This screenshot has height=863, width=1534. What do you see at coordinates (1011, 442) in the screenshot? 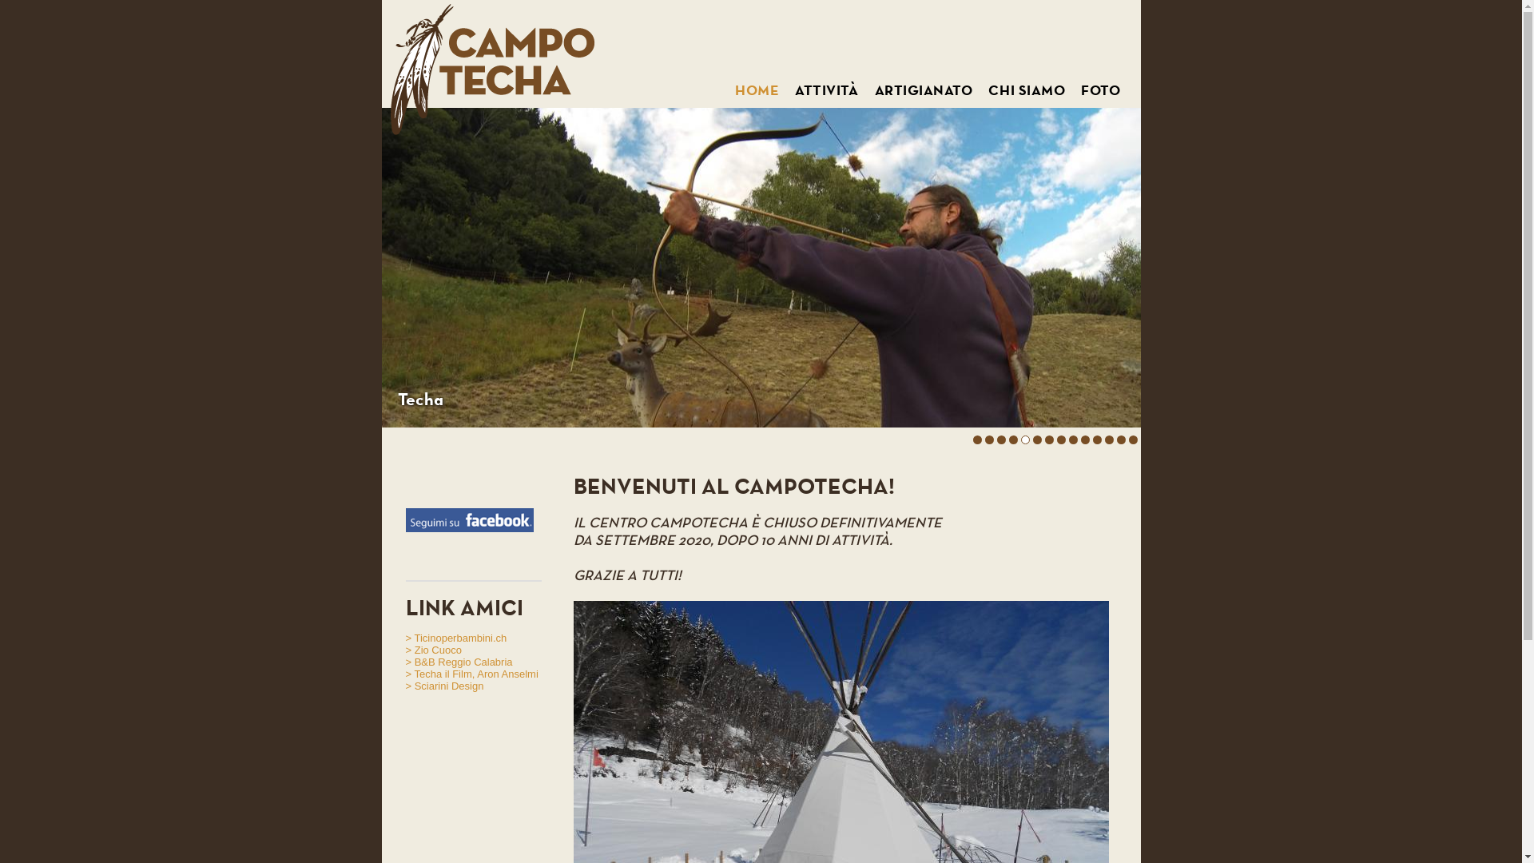
I see `'4'` at bounding box center [1011, 442].